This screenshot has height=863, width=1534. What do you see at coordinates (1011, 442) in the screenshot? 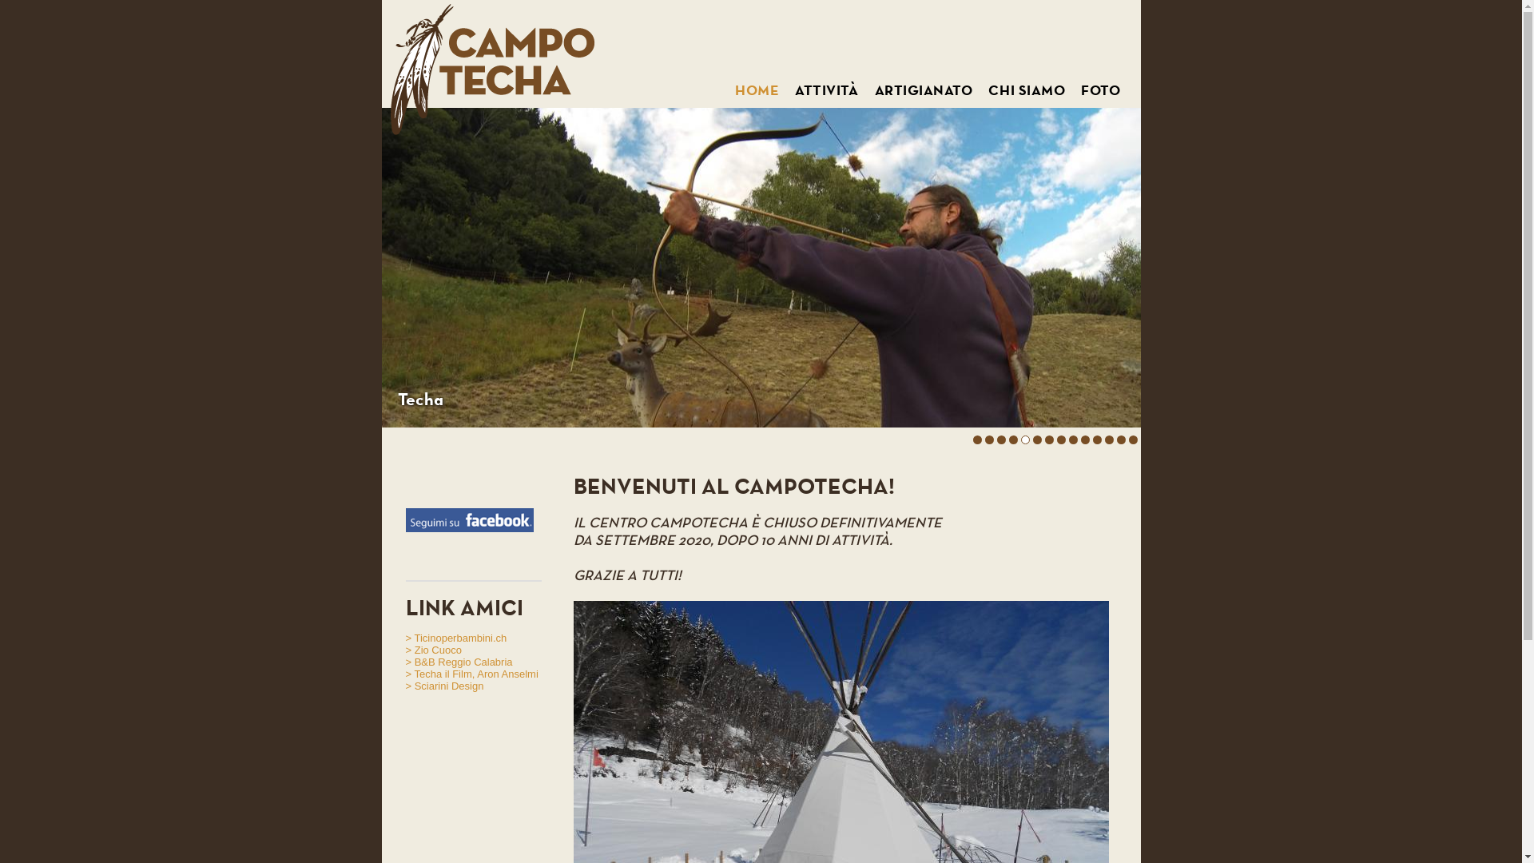
I see `'4'` at bounding box center [1011, 442].